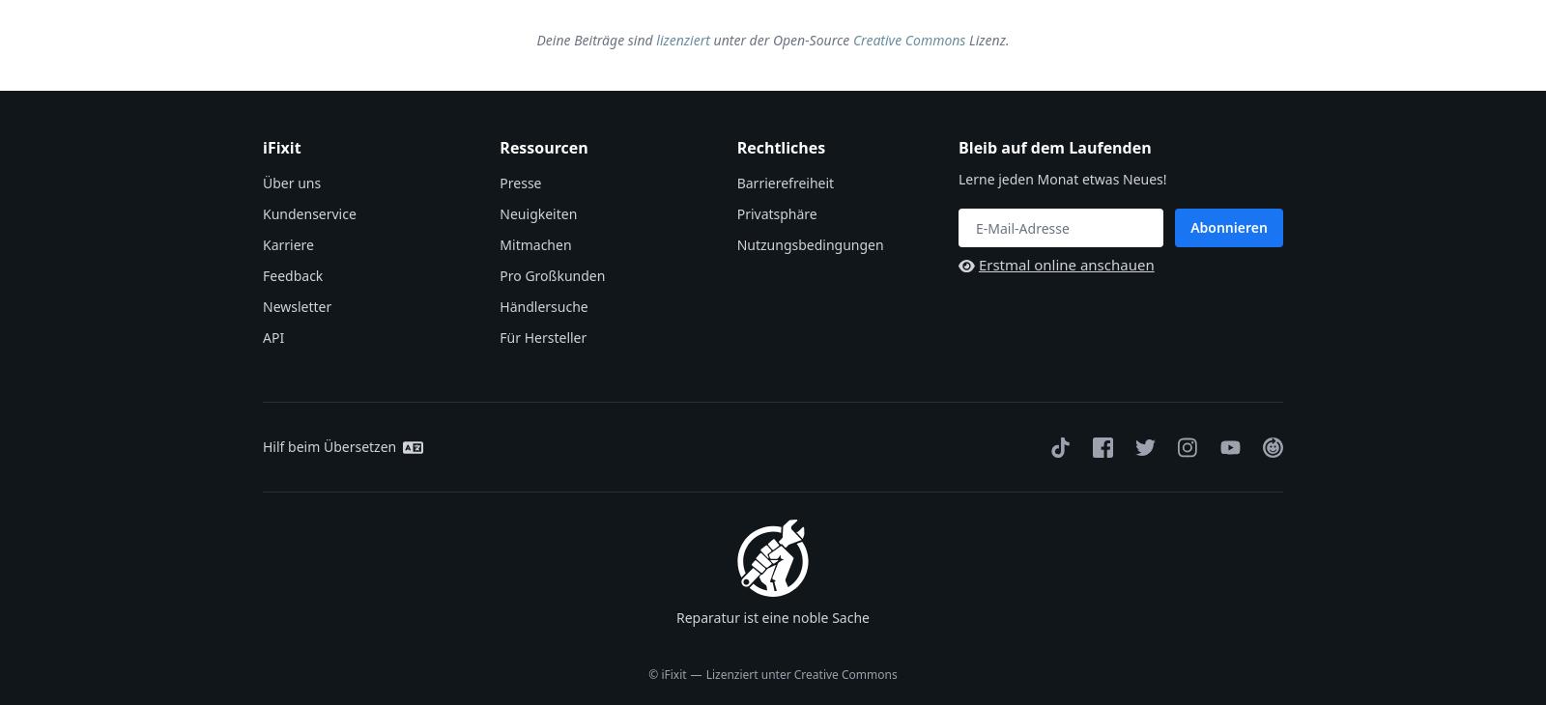 Image resolution: width=1546 pixels, height=705 pixels. I want to click on 'unter der Open-Source', so click(780, 38).